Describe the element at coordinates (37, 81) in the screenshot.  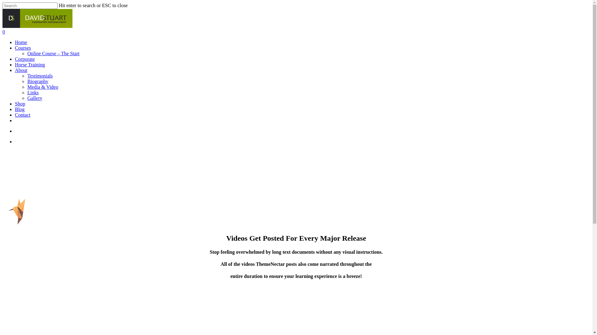
I see `'Biography'` at that location.